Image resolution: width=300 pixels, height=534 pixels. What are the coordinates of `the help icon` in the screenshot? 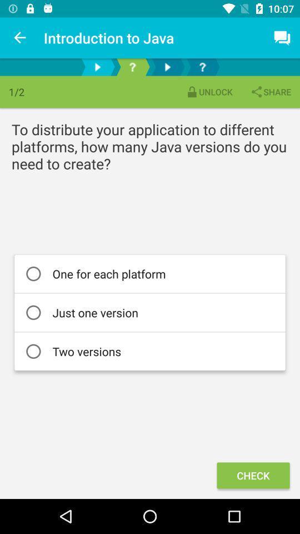 It's located at (202, 67).